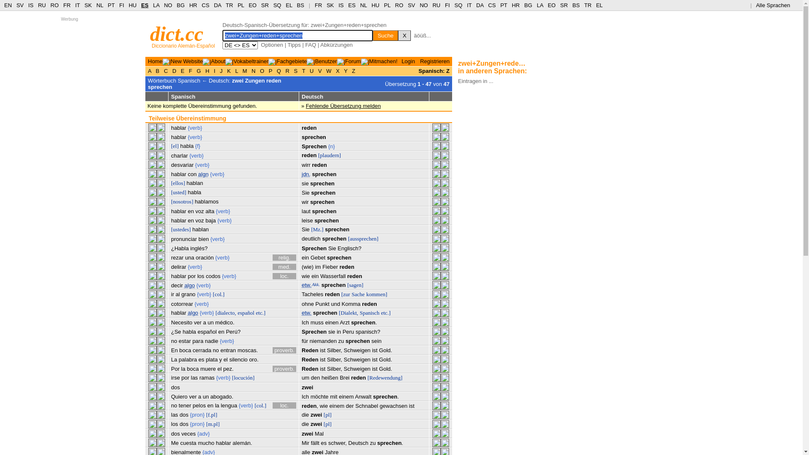 Image resolution: width=809 pixels, height=455 pixels. I want to click on 'cuesta', so click(188, 442).